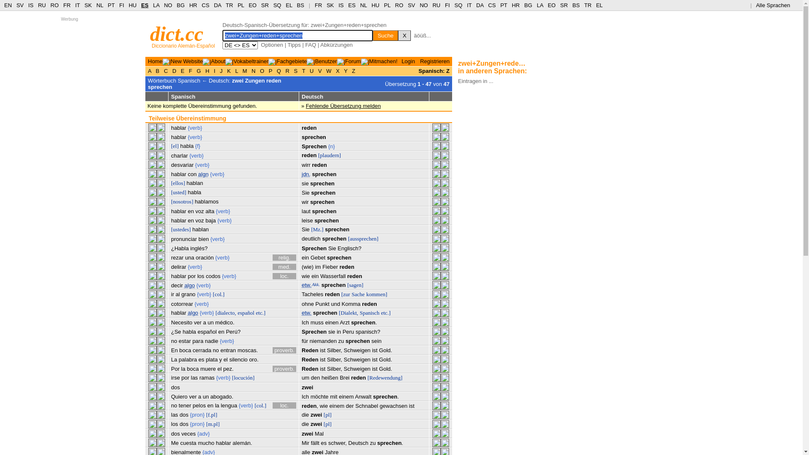 Image resolution: width=809 pixels, height=455 pixels. I want to click on 'cuesta', so click(188, 442).